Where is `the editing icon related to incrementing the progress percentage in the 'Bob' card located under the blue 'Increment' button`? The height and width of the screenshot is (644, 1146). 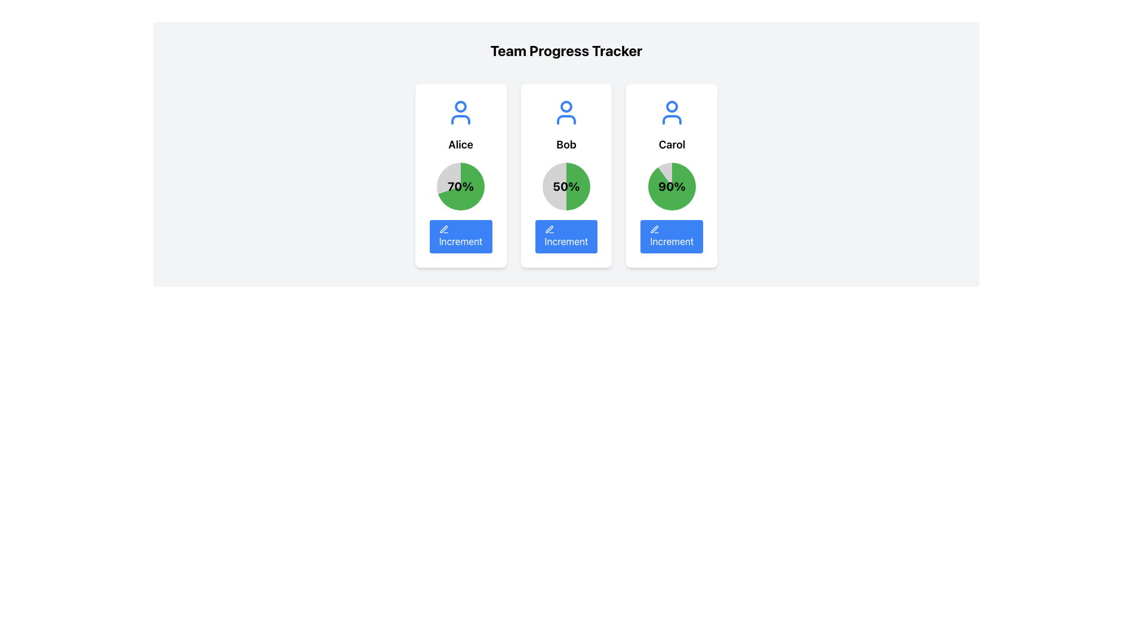
the editing icon related to incrementing the progress percentage in the 'Bob' card located under the blue 'Increment' button is located at coordinates (549, 229).